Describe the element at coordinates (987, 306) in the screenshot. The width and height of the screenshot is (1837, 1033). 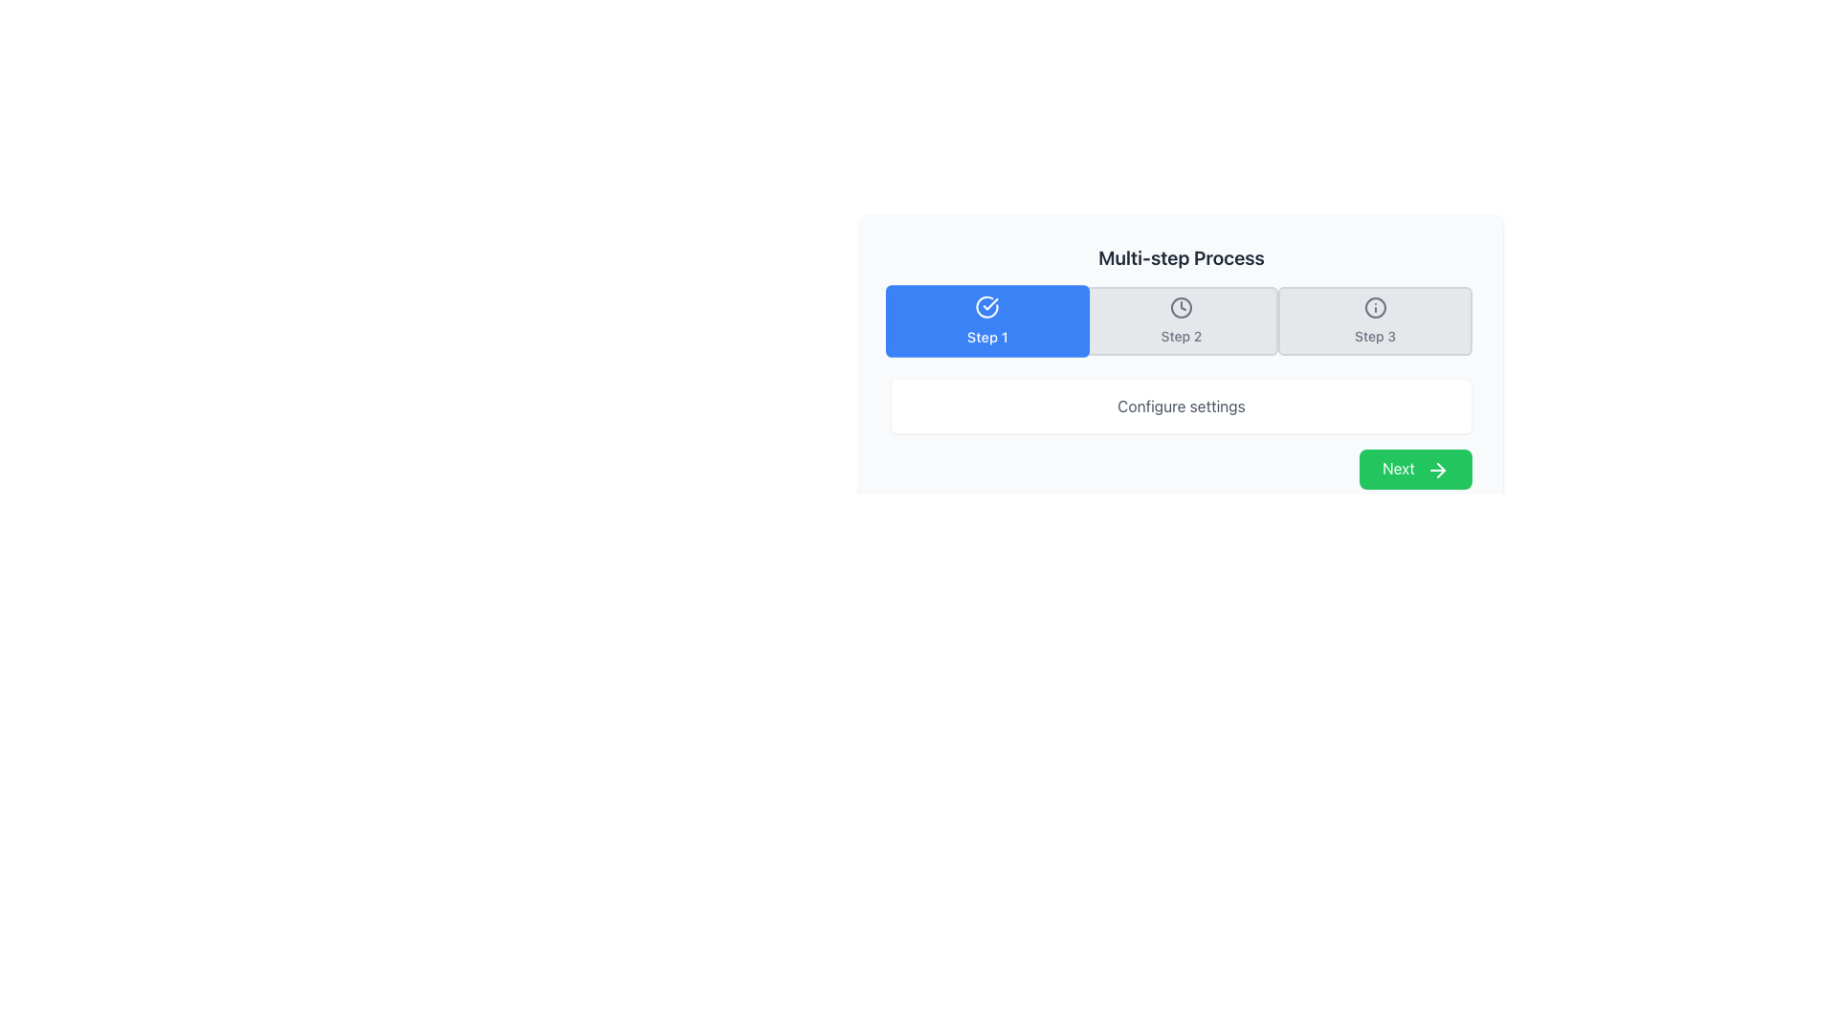
I see `the visual indicator icon within the blue button labeled 'Step 1' in the multi-step process UI, which signifies the current step is active or complete` at that location.